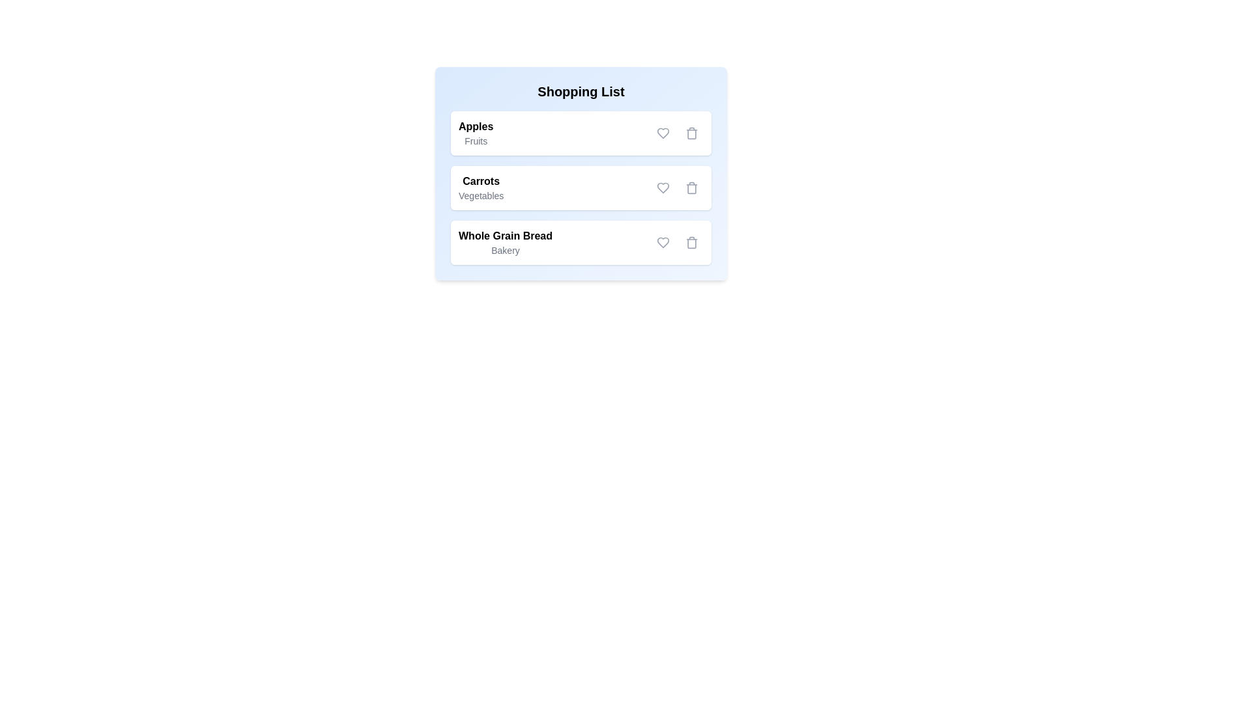 The height and width of the screenshot is (703, 1251). Describe the element at coordinates (663, 243) in the screenshot. I see `like button for the item Whole Grain Bread to toggle its liked status` at that location.